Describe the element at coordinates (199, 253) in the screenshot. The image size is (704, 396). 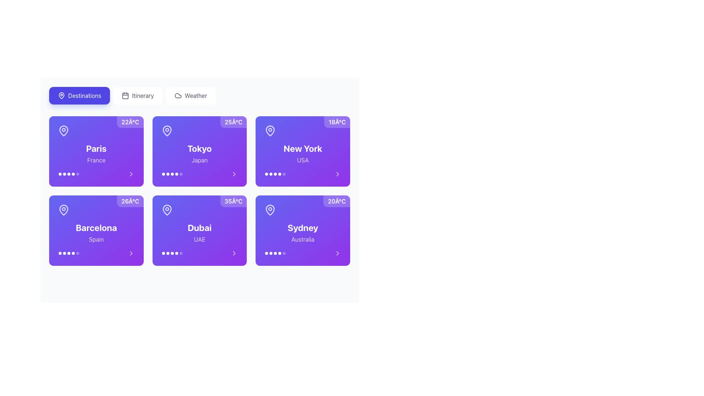
I see `the chevron navigation of the pagination indicator located at the bottom-right corner of the Dubai card to trigger the animation` at that location.